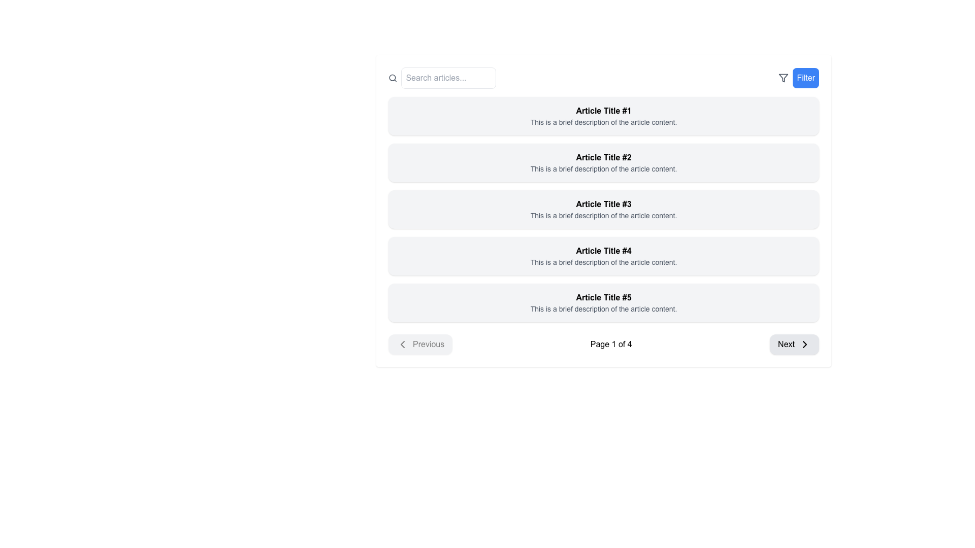 The height and width of the screenshot is (548, 975). What do you see at coordinates (604, 204) in the screenshot?
I see `the text label displaying 'Article Title #3' which is styled in bold and located at the top of the third card in a vertical list of articles` at bounding box center [604, 204].